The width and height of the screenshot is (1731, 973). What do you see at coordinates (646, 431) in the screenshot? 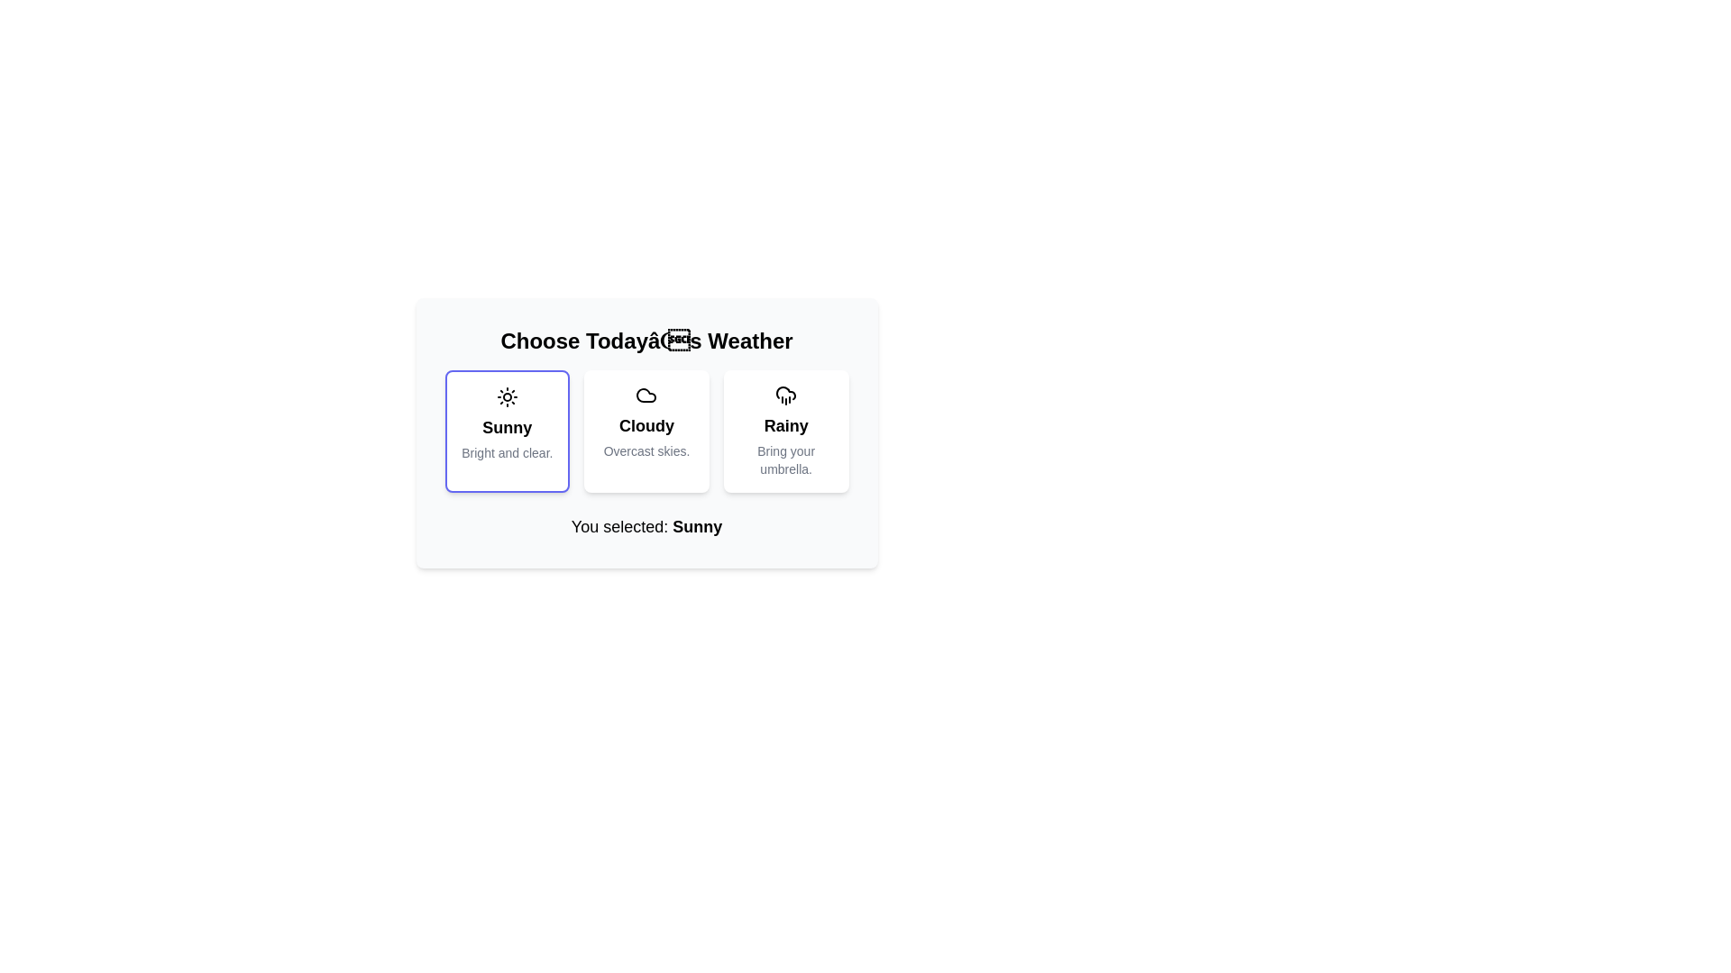
I see `the 'Cloudy' weather option card in the weather selection interface` at bounding box center [646, 431].